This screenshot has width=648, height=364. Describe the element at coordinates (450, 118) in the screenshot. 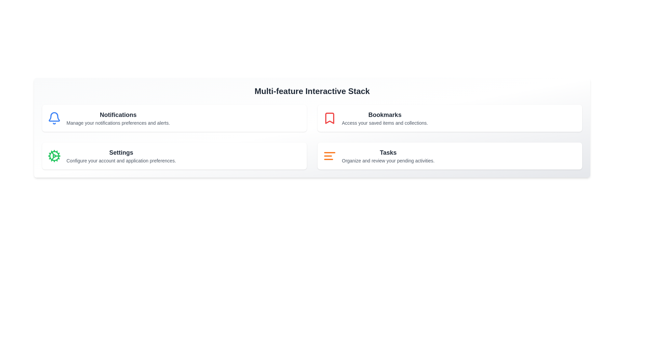

I see `the Informational panel in the upper-right section of the grid` at that location.